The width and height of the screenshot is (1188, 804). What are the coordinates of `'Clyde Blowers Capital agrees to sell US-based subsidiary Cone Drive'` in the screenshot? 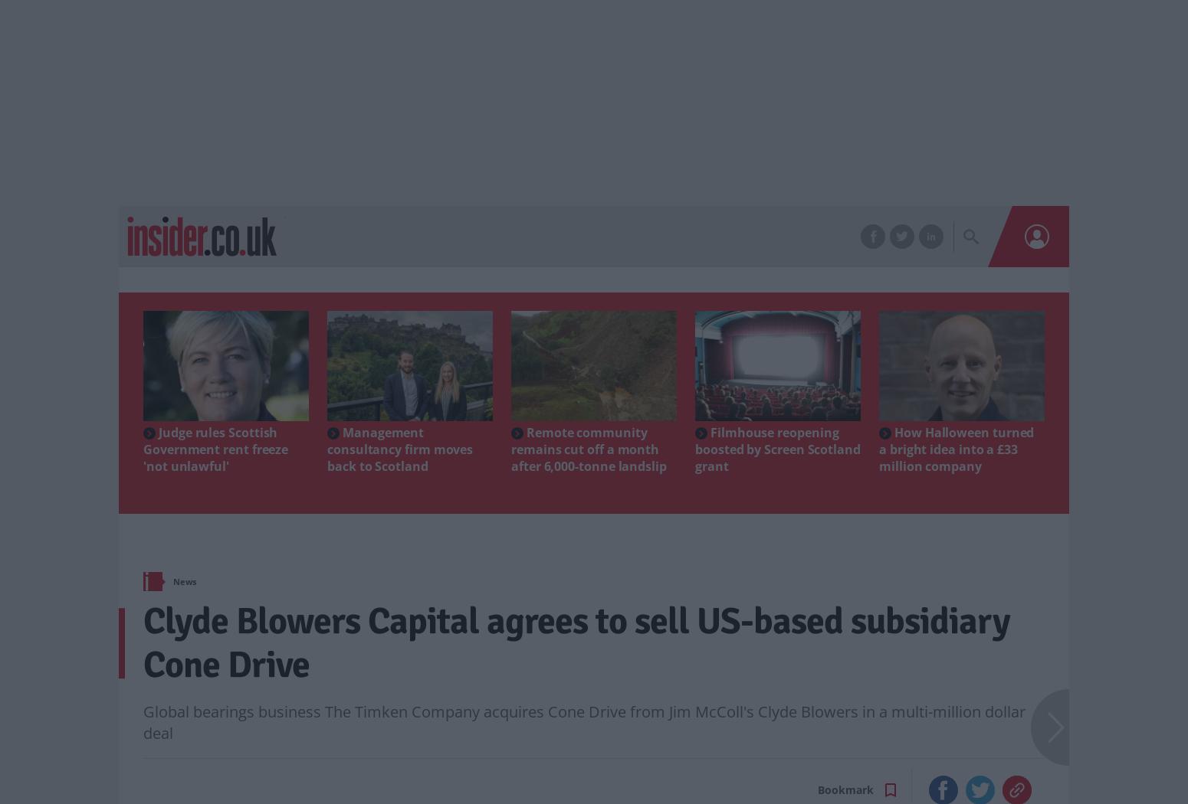 It's located at (142, 642).